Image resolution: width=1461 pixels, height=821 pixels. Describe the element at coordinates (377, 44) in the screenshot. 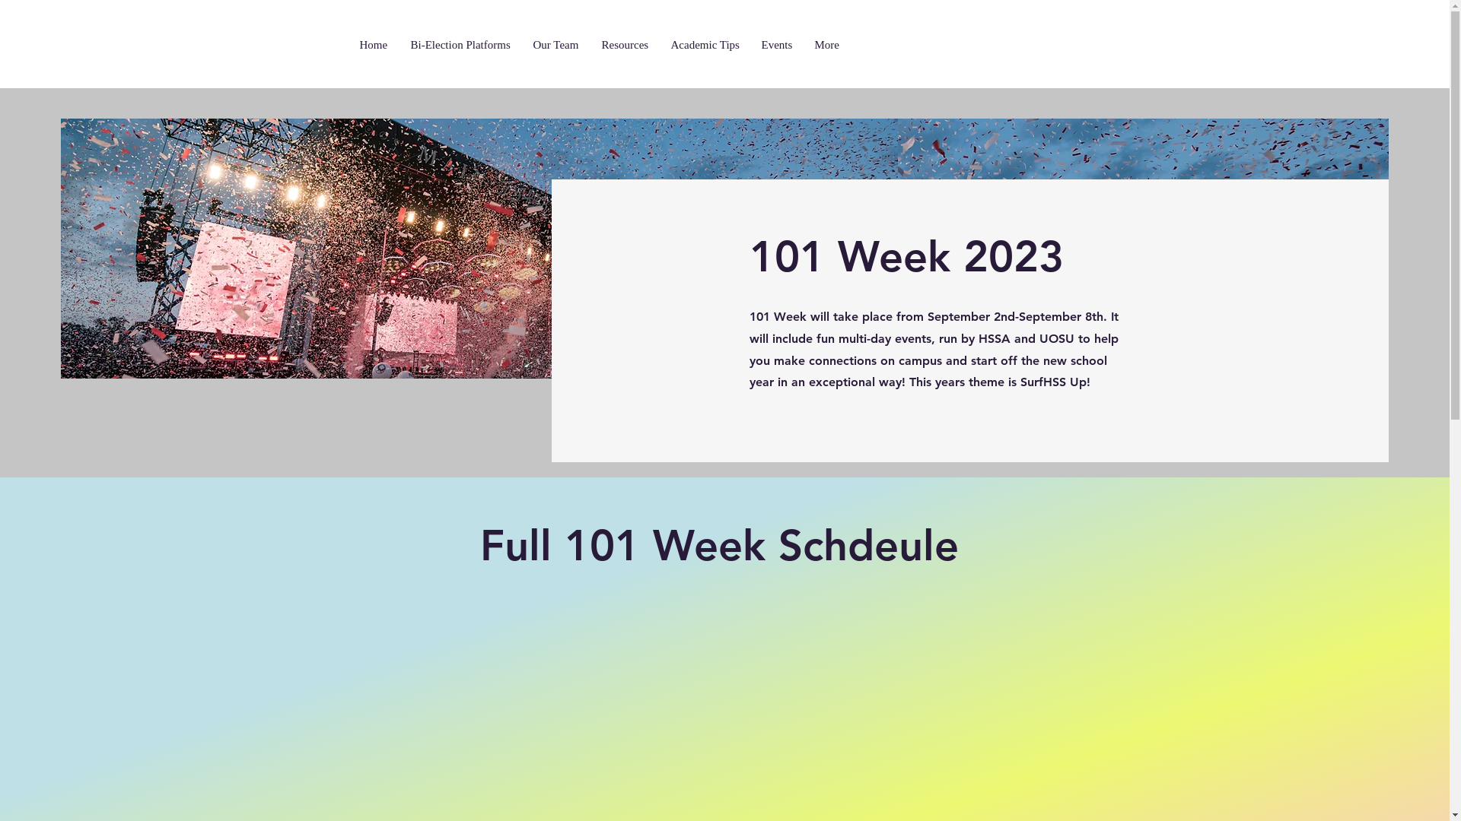

I see `'Home'` at that location.